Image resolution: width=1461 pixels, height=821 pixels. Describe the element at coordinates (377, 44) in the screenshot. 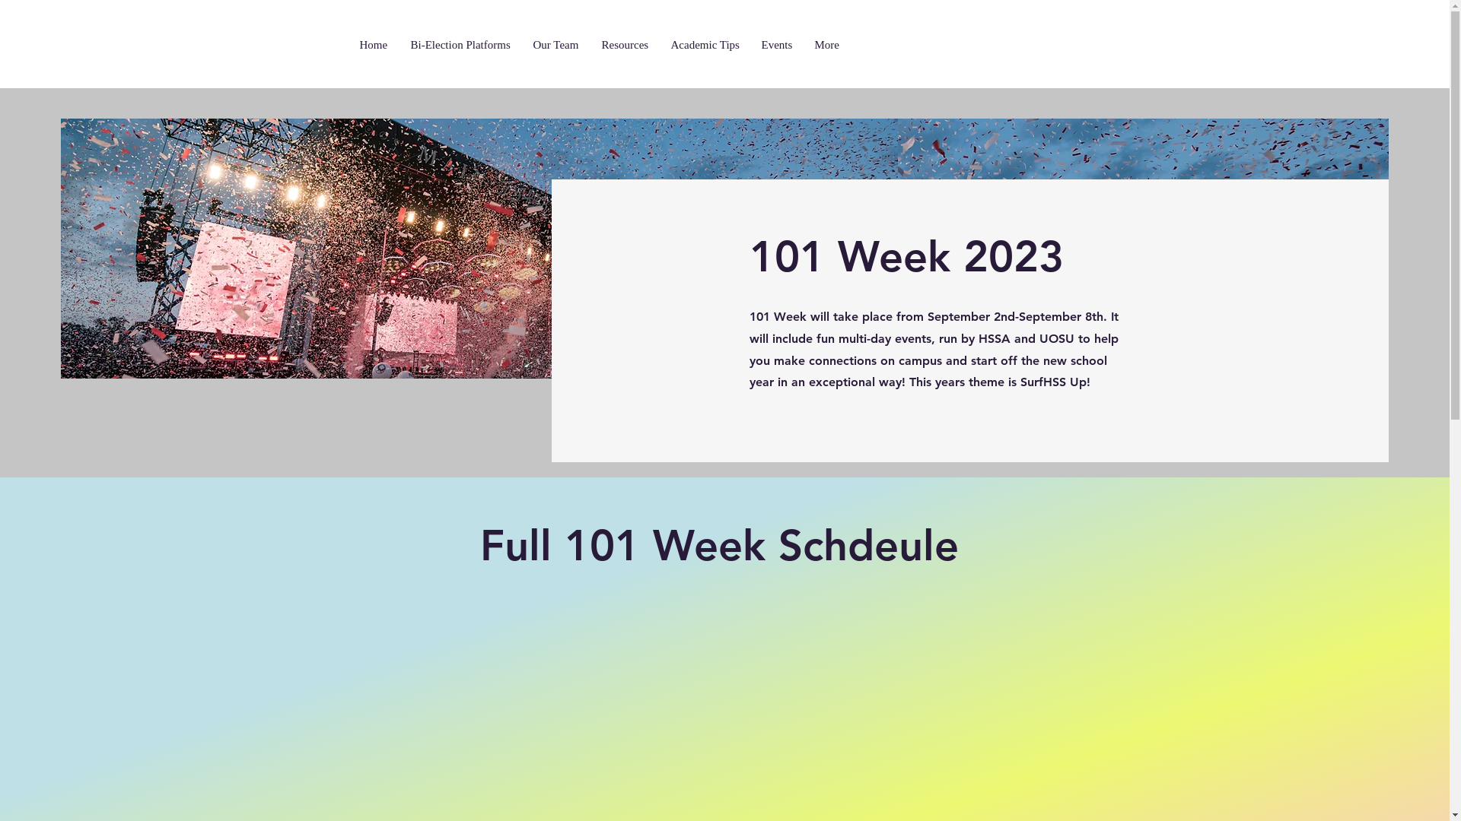

I see `'Home'` at that location.